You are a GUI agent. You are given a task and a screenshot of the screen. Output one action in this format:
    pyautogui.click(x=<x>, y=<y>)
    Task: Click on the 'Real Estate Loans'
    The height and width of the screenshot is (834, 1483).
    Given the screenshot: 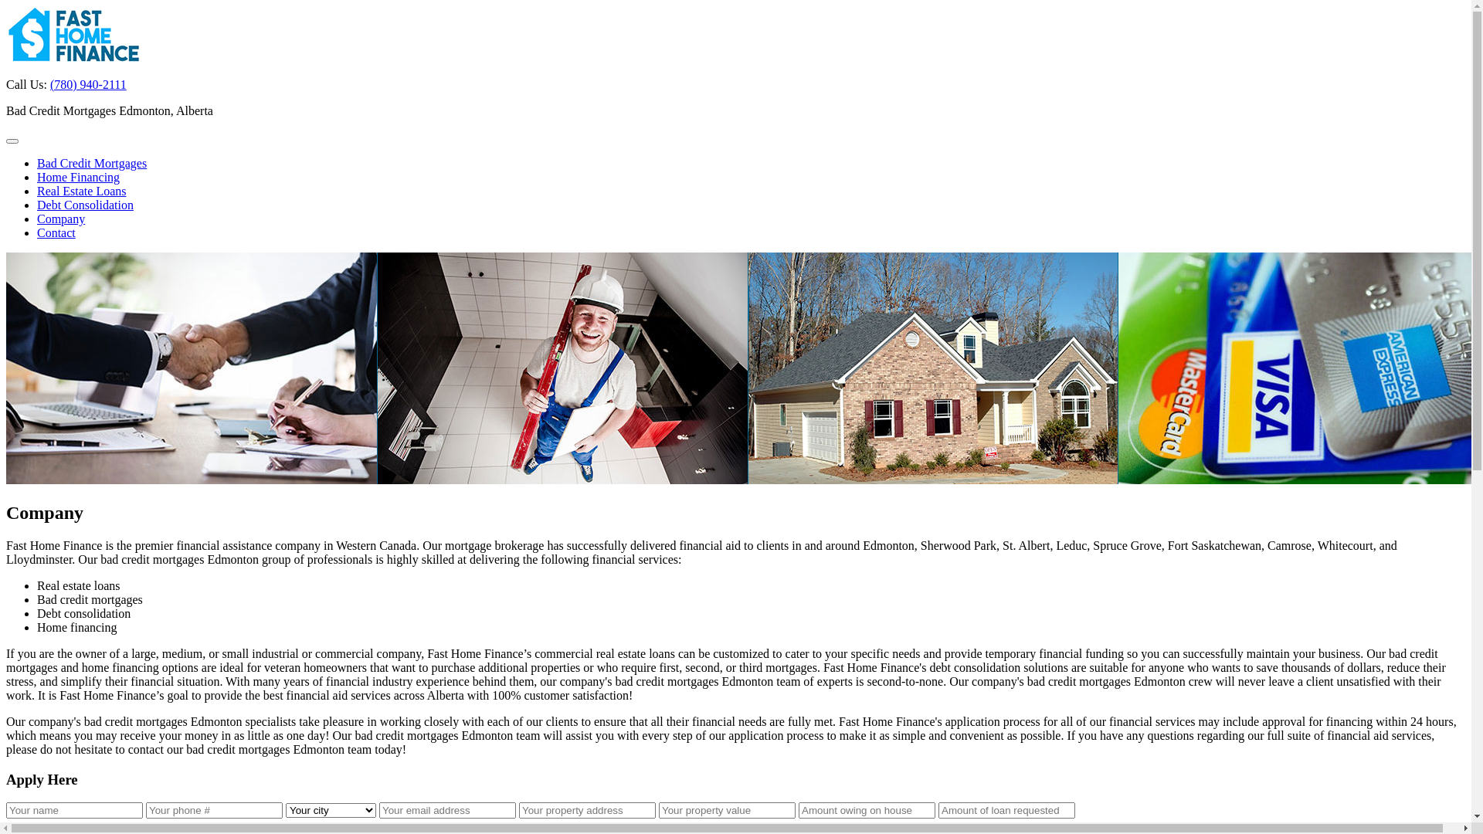 What is the action you would take?
    pyautogui.click(x=80, y=190)
    